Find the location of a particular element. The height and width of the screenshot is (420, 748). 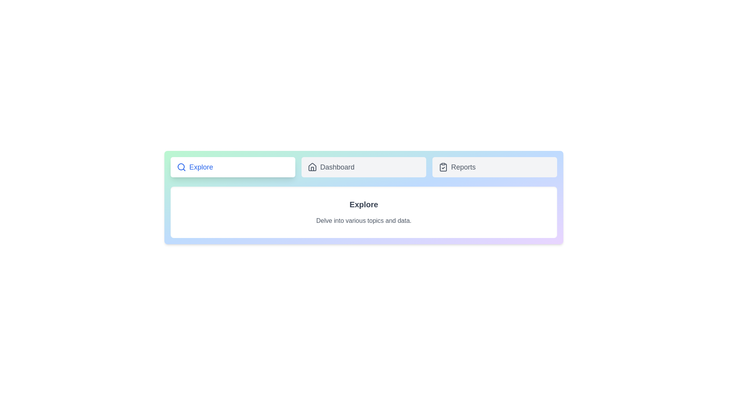

the Dashboard button to observe its hover effect is located at coordinates (363, 166).